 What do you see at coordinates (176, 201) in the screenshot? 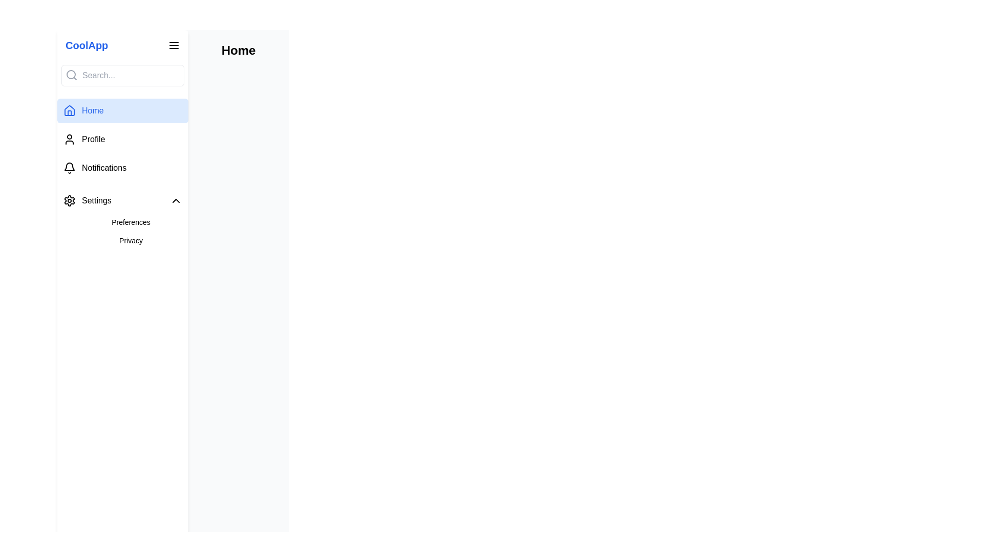
I see `the small upward-pointing chevron icon located to the right of the 'Settings' text in the left sidebar` at bounding box center [176, 201].